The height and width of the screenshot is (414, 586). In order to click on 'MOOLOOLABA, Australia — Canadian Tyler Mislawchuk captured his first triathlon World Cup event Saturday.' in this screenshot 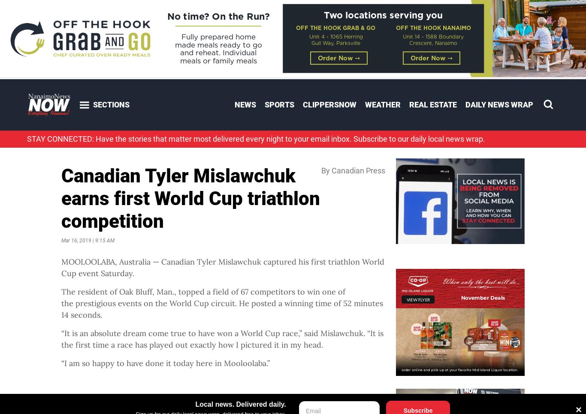, I will do `click(223, 267)`.